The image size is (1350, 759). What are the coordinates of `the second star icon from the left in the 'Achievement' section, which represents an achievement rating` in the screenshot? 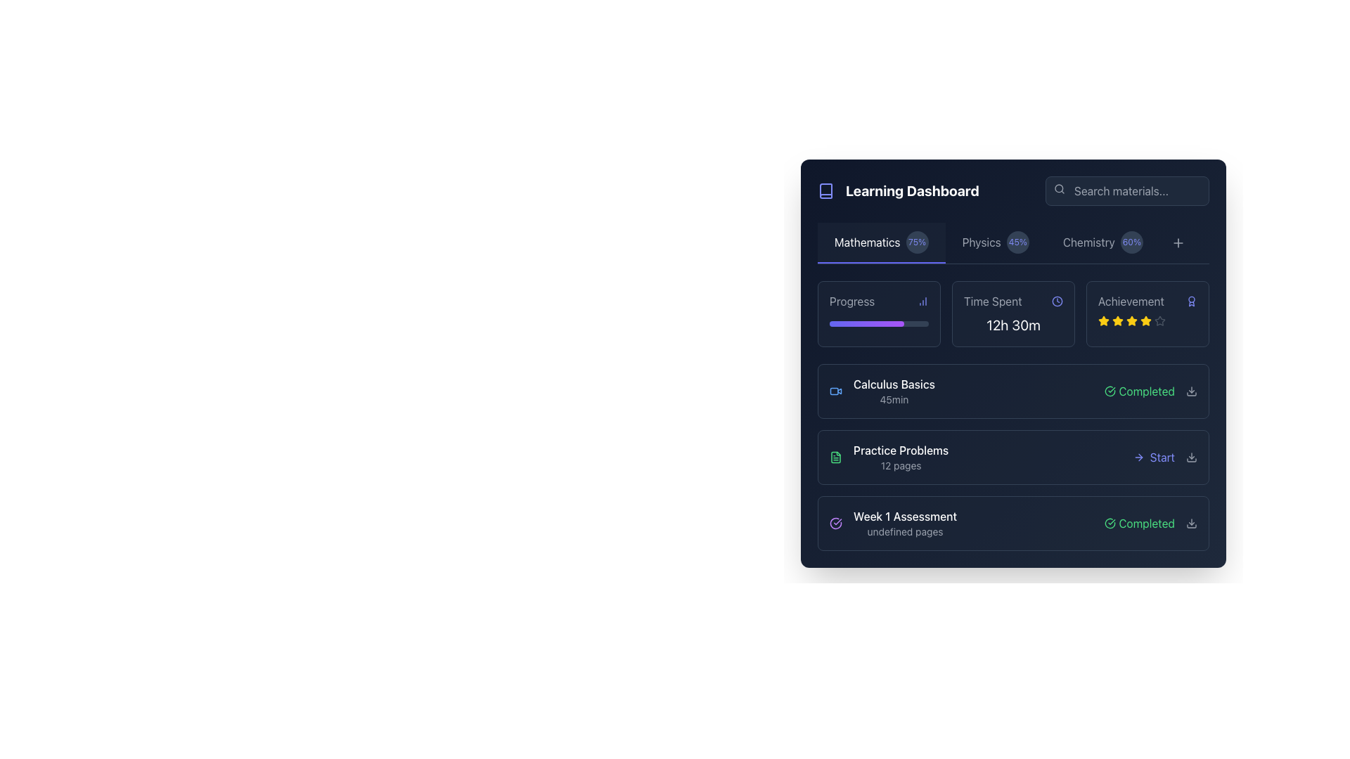 It's located at (1117, 320).